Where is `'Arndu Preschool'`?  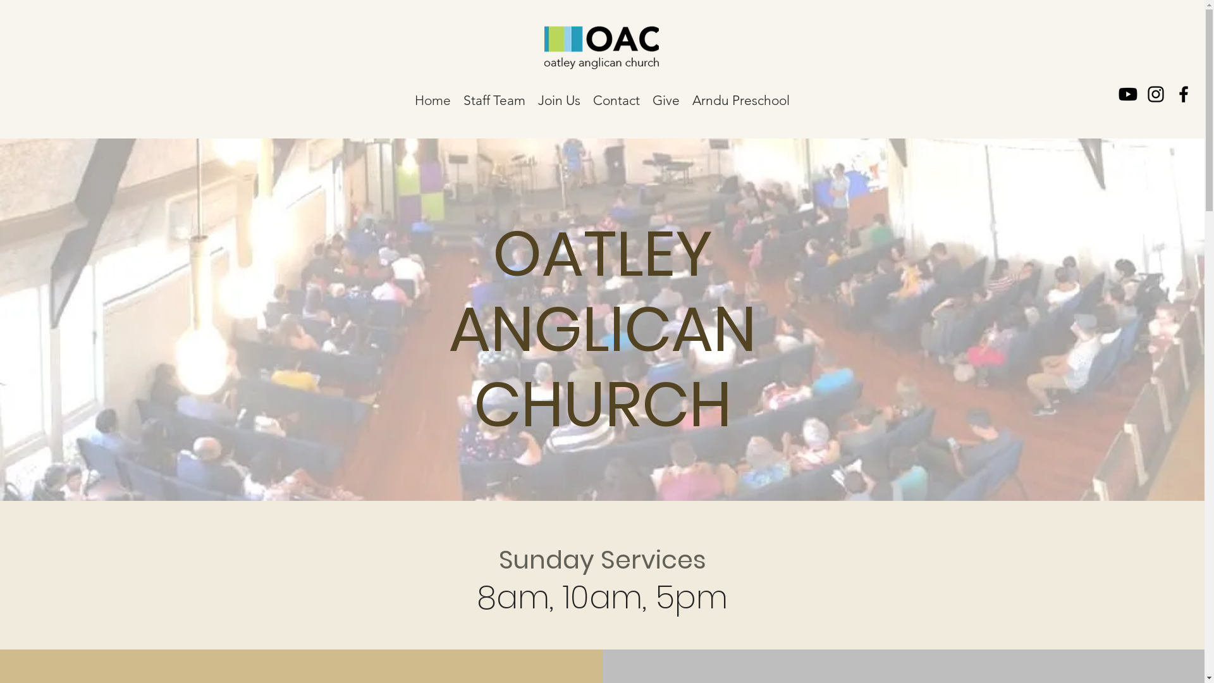
'Arndu Preschool' is located at coordinates (740, 97).